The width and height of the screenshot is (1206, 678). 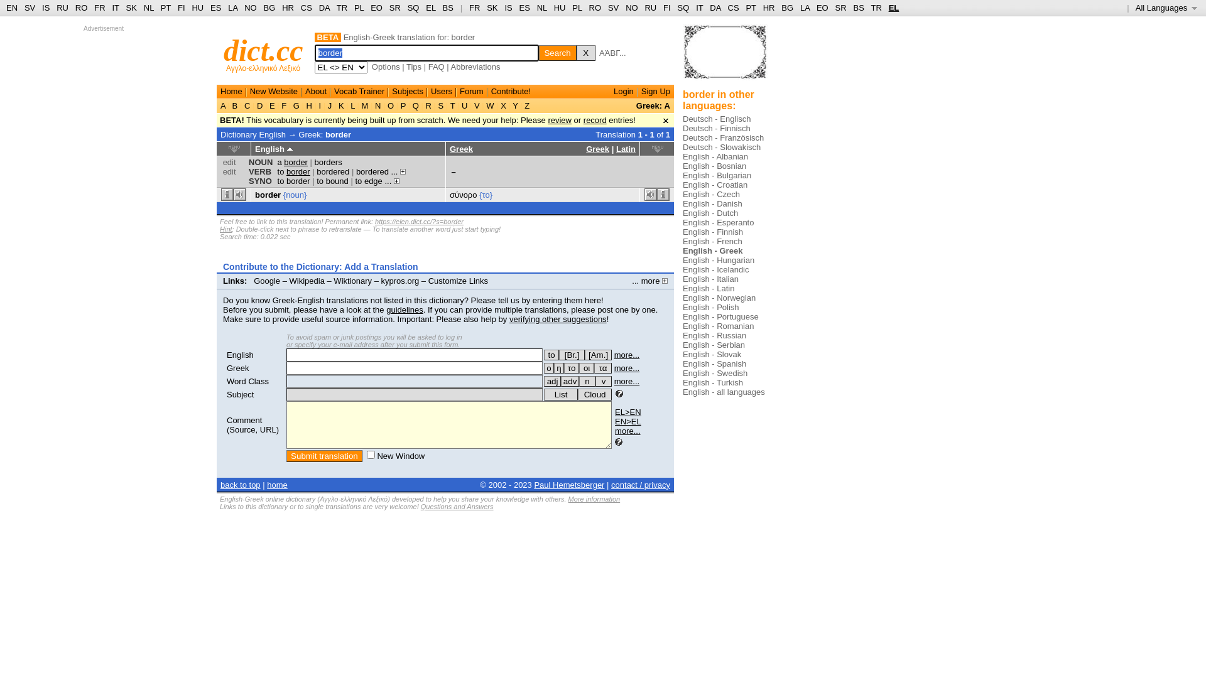 What do you see at coordinates (712, 382) in the screenshot?
I see `'English - Turkish'` at bounding box center [712, 382].